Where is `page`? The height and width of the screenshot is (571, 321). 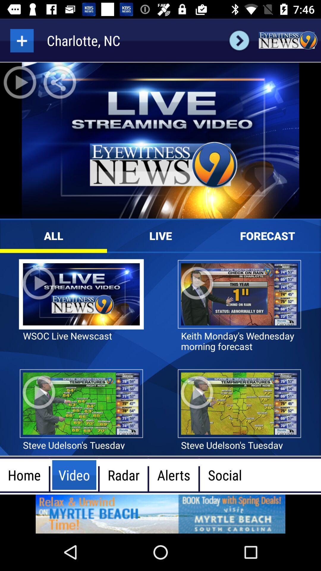 page is located at coordinates (21, 40).